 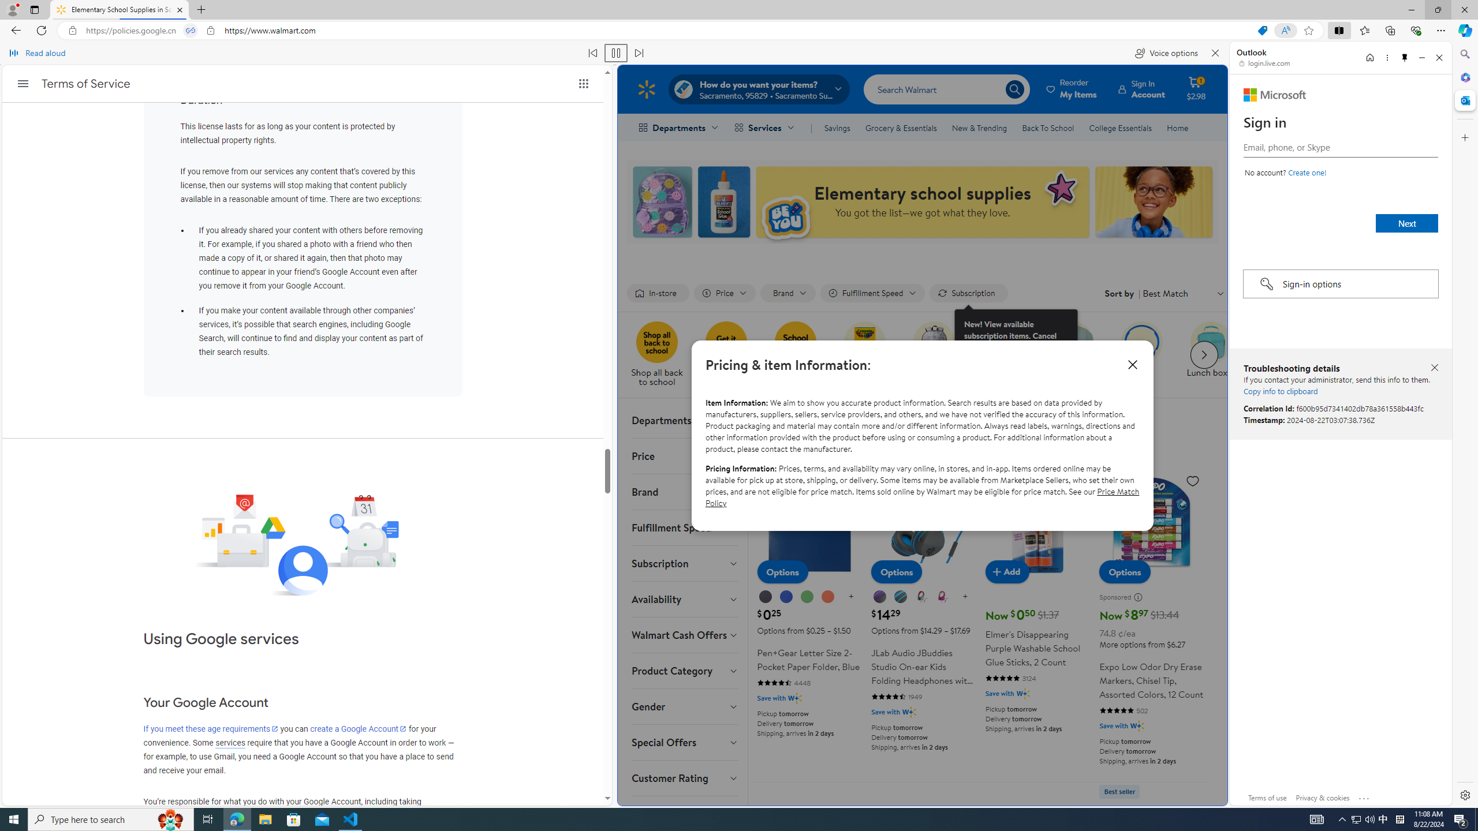 I want to click on 'Close read aloud', so click(x=1214, y=53).